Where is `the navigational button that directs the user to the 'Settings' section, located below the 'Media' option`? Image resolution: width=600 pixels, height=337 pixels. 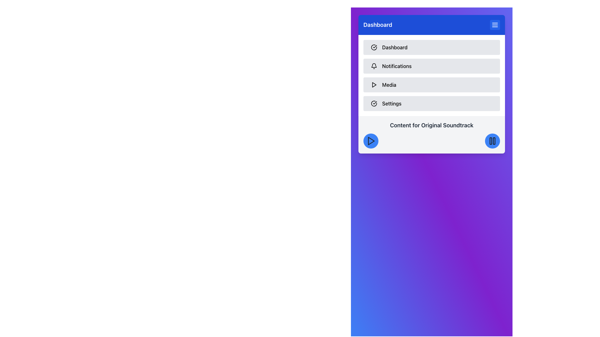
the navigational button that directs the user to the 'Settings' section, located below the 'Media' option is located at coordinates (431, 103).